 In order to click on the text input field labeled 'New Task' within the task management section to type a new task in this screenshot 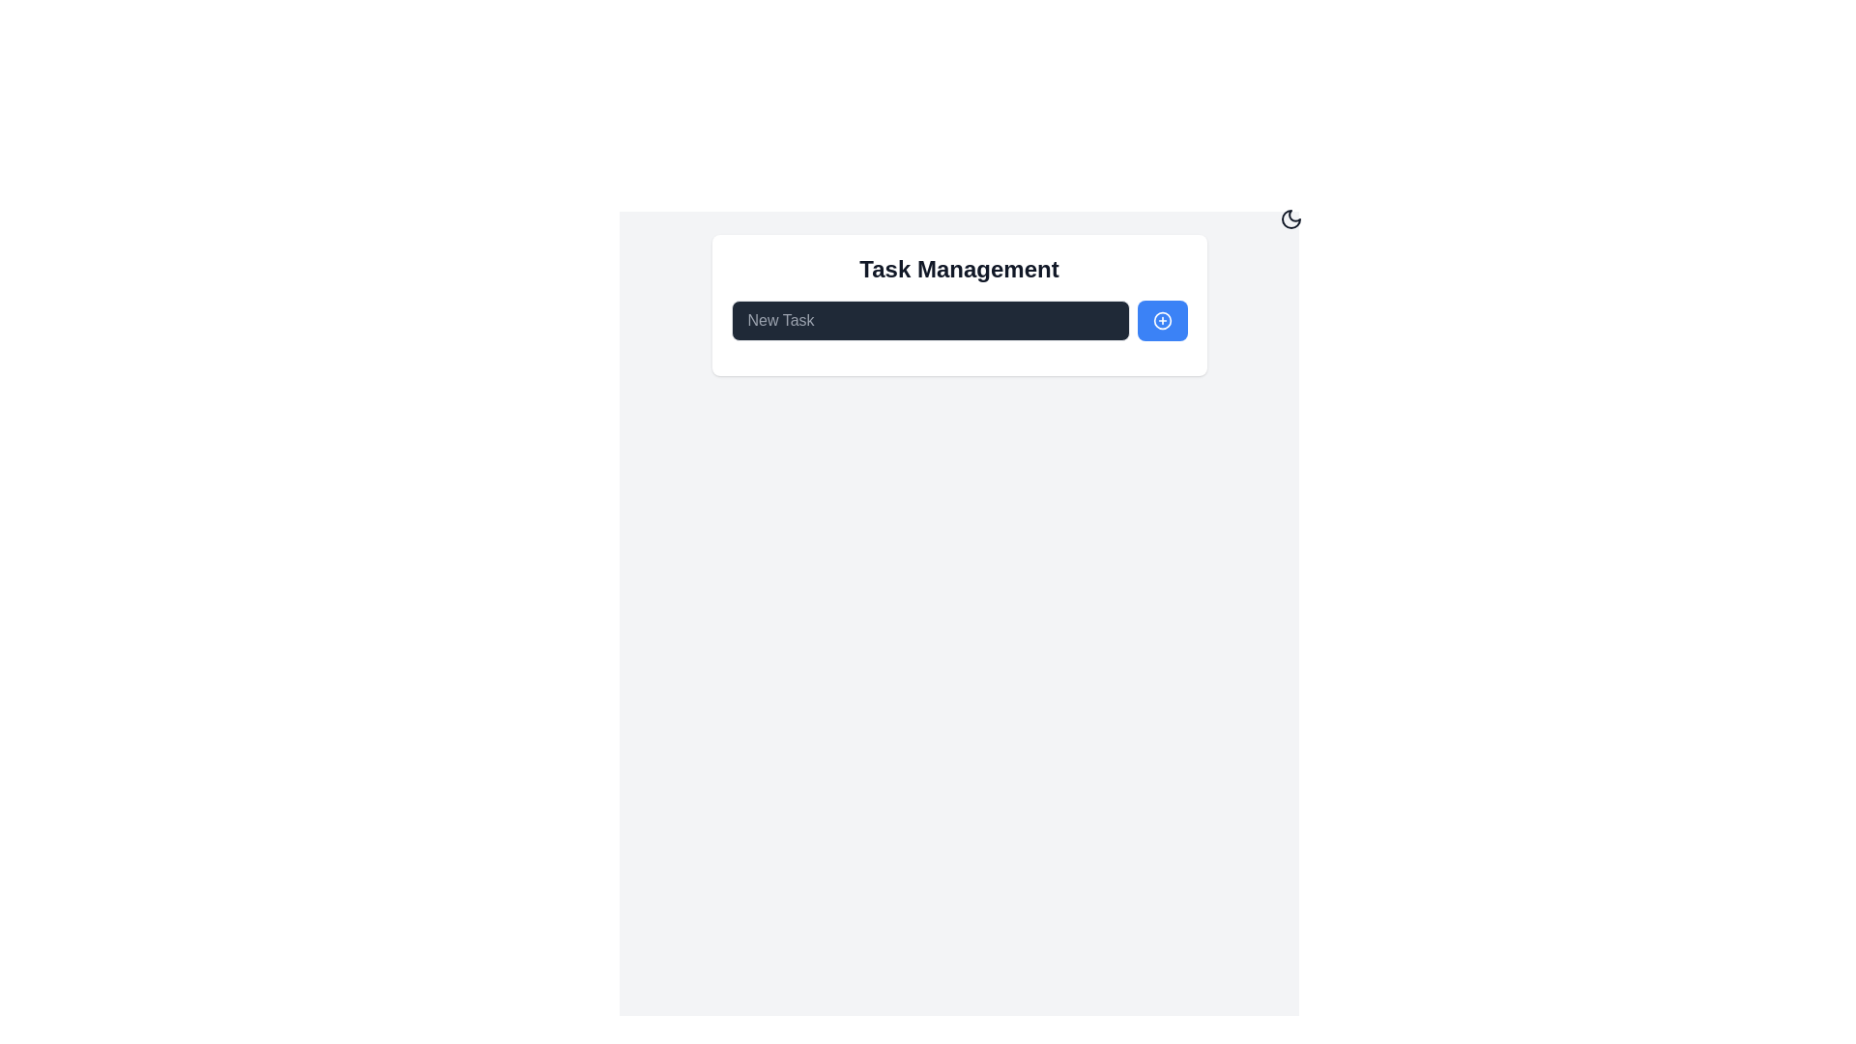, I will do `click(959, 319)`.